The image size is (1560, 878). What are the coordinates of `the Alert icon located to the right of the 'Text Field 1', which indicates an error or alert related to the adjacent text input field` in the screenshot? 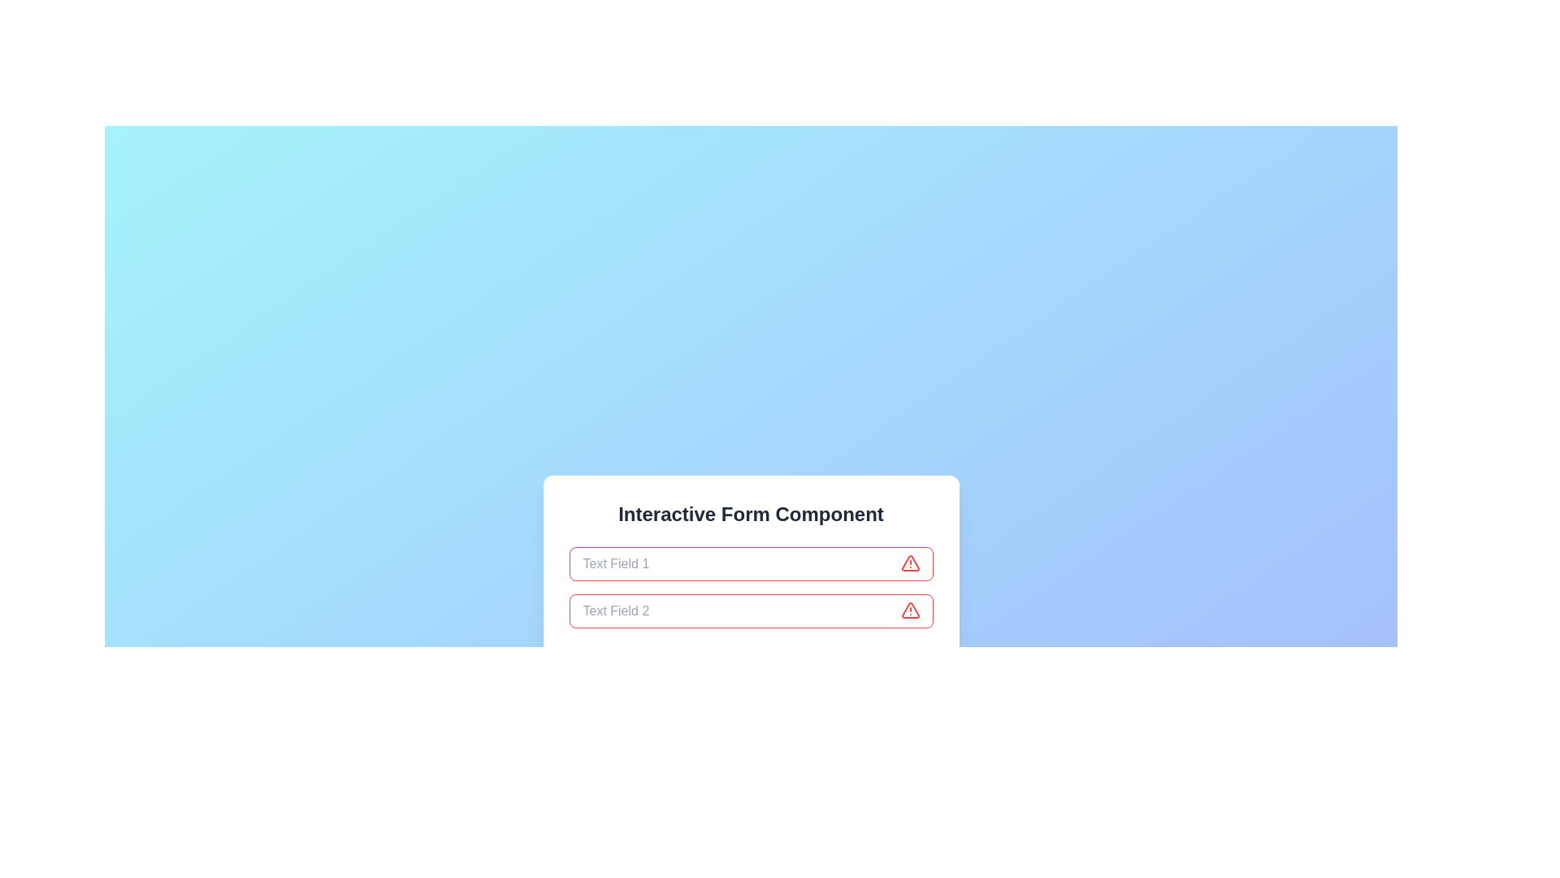 It's located at (910, 563).